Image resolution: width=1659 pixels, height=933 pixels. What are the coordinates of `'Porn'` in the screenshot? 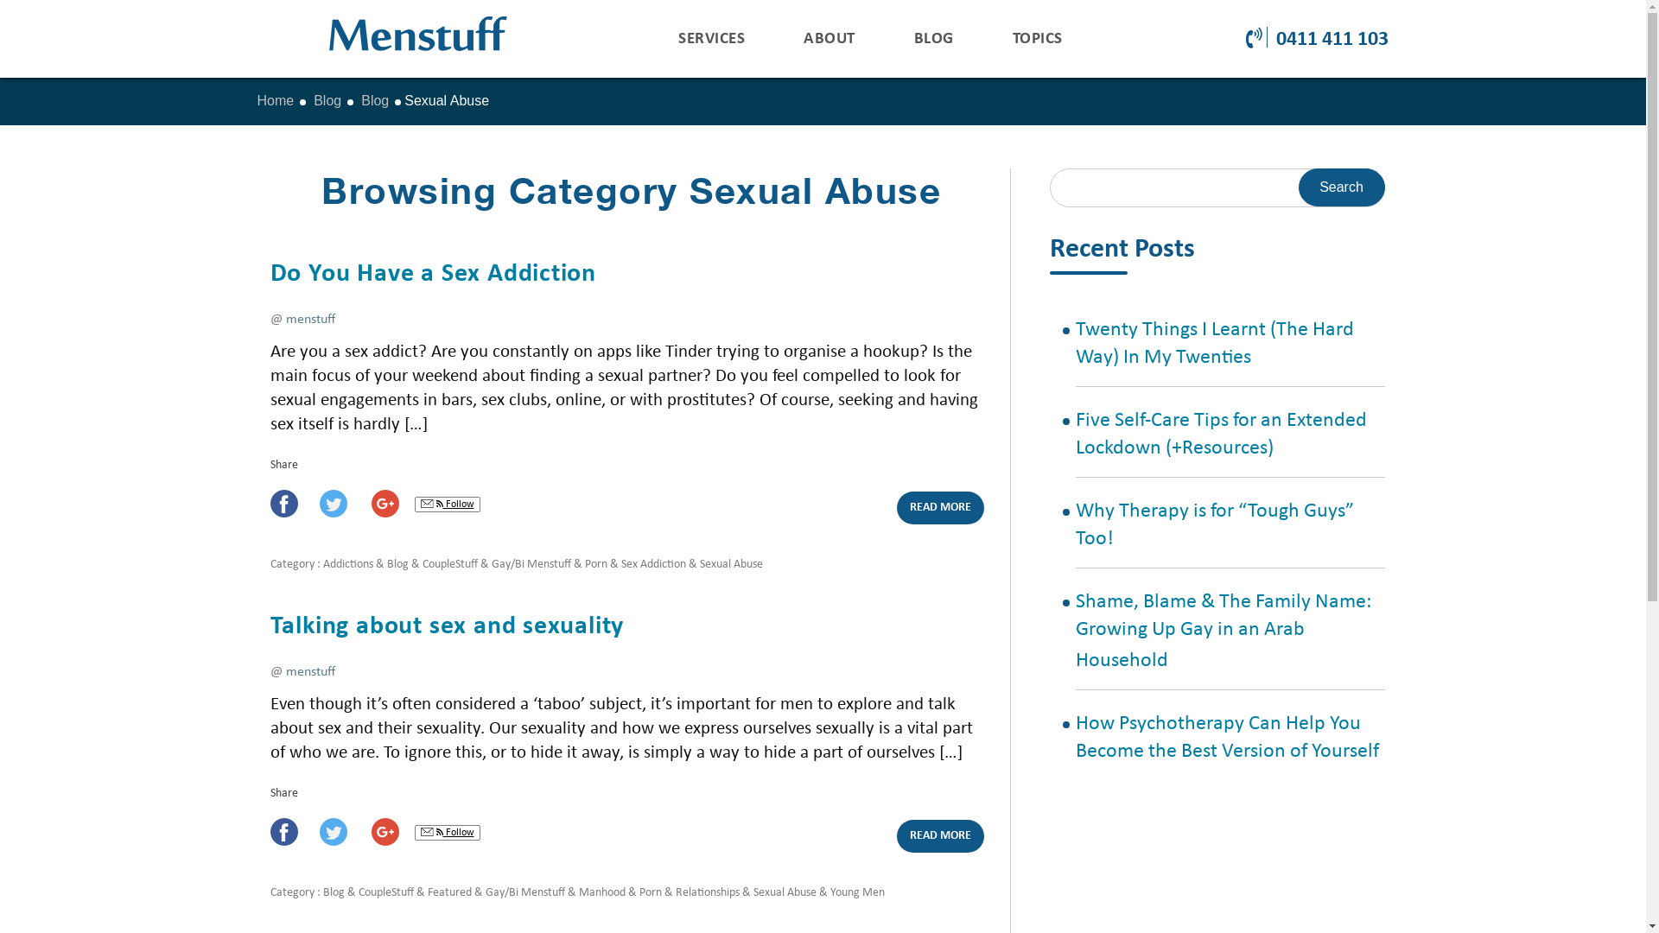 It's located at (595, 564).